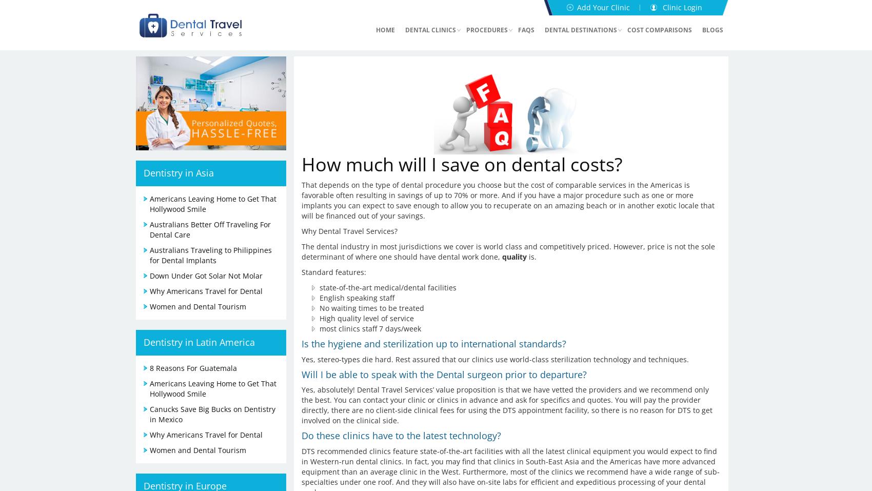 The width and height of the screenshot is (872, 491). Describe the element at coordinates (626, 29) in the screenshot. I see `'Cost Comparisons'` at that location.